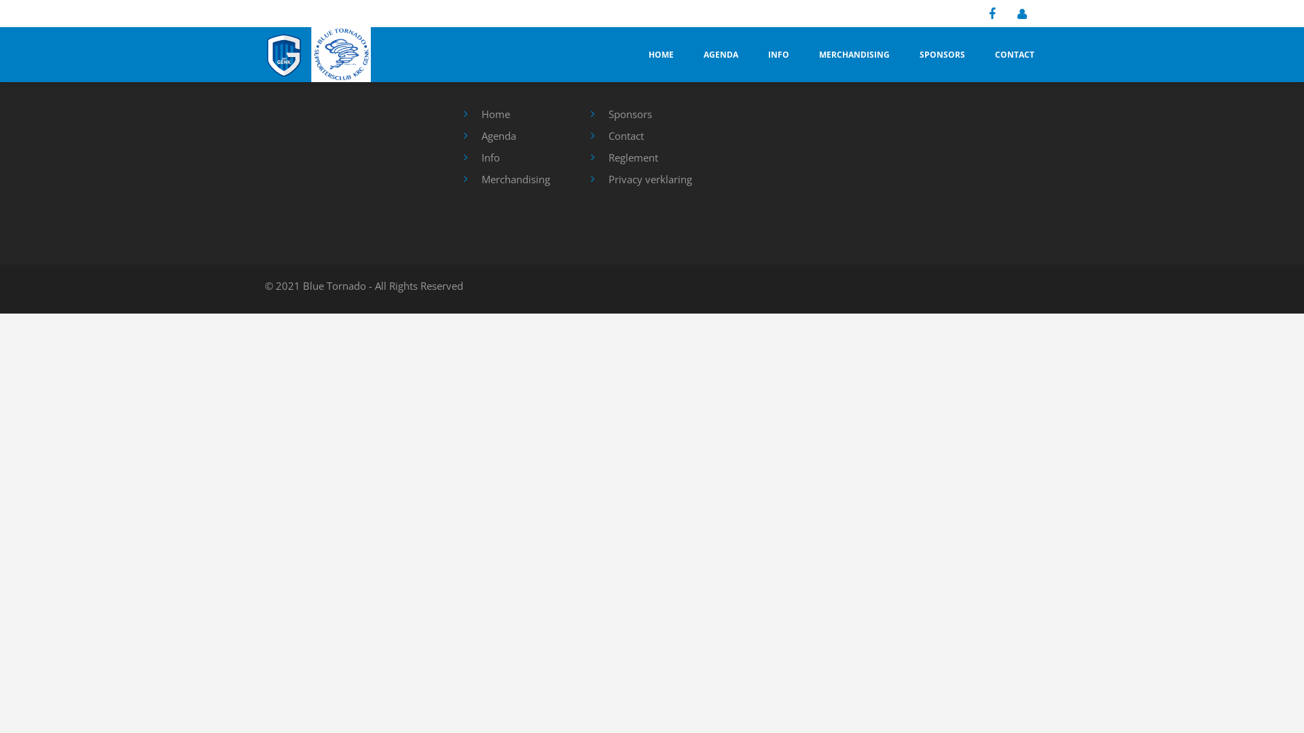 This screenshot has height=733, width=1304. What do you see at coordinates (481, 178) in the screenshot?
I see `'Merchandising'` at bounding box center [481, 178].